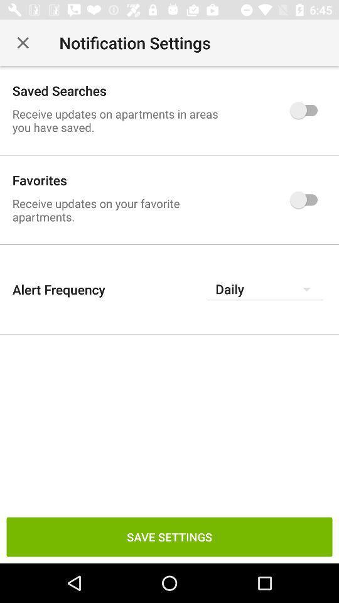 This screenshot has height=603, width=339. I want to click on turn on, so click(306, 200).